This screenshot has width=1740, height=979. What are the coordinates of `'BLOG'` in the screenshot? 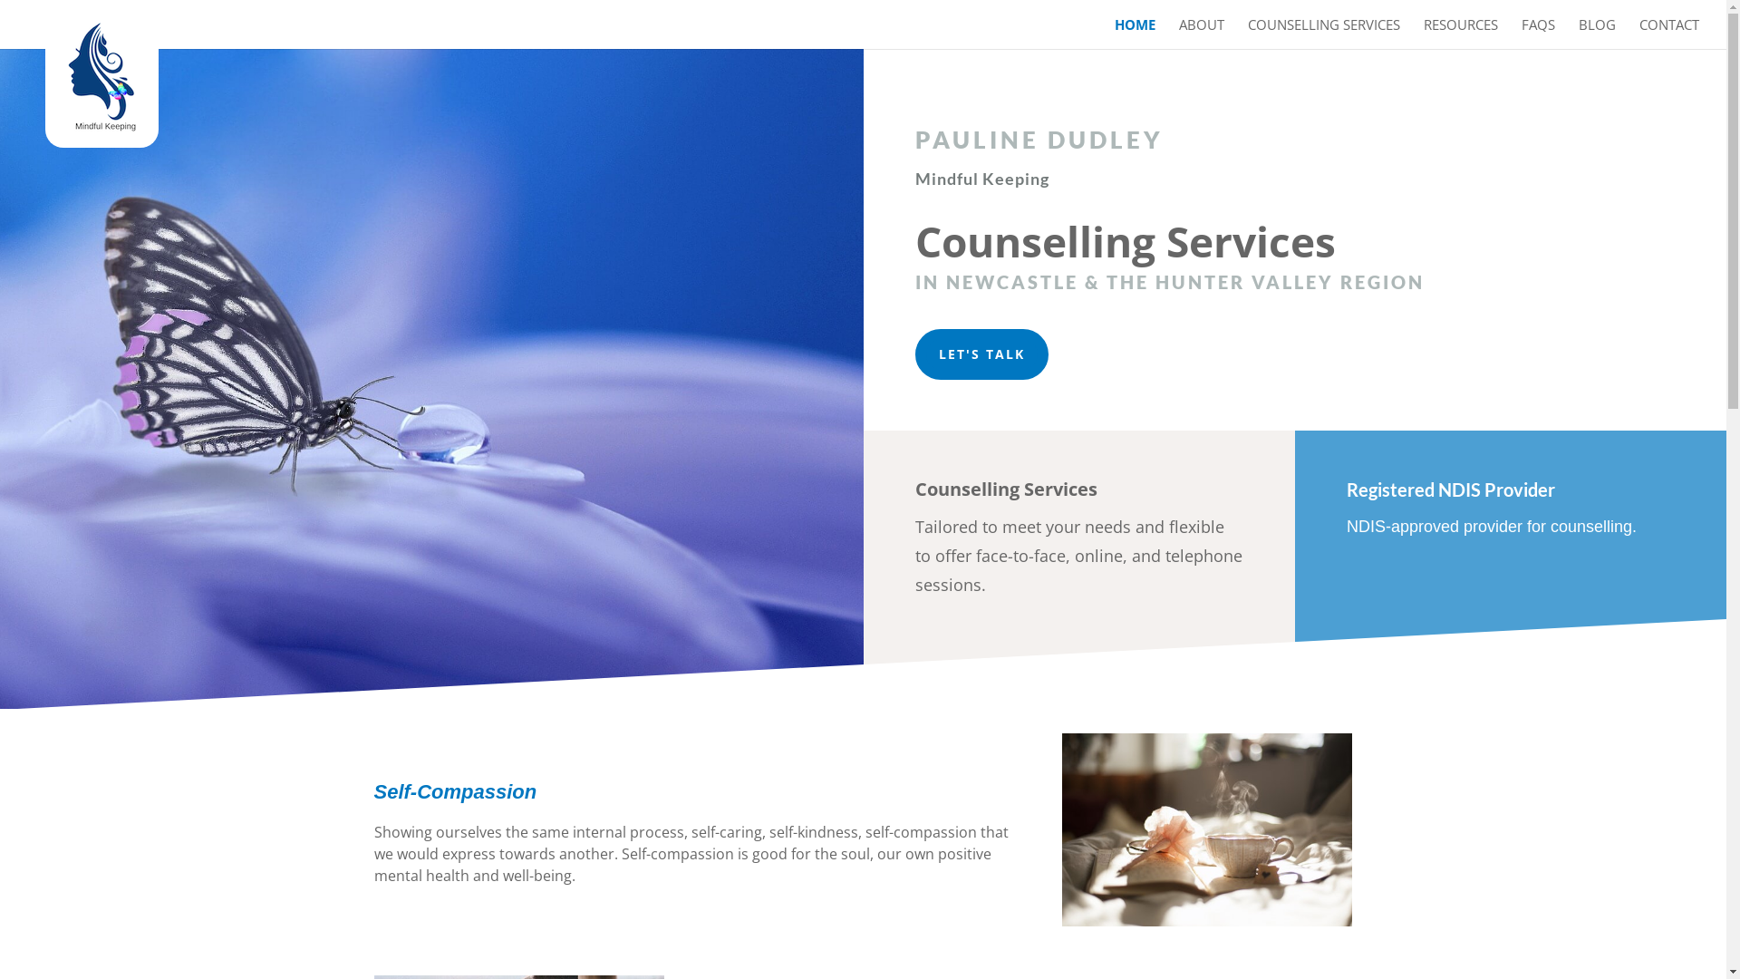 It's located at (1597, 34).